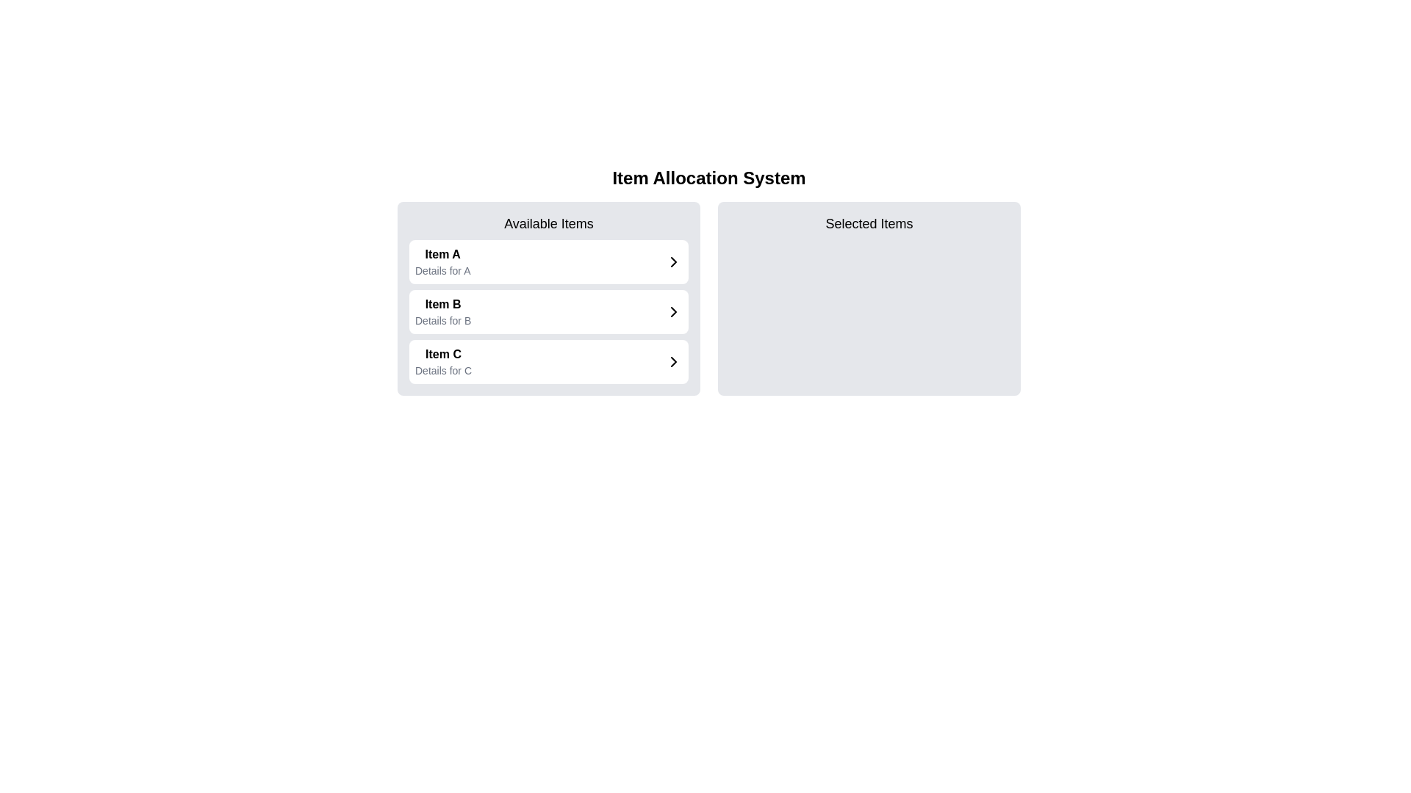  What do you see at coordinates (442, 370) in the screenshot?
I see `text label that displays 'Details for C' located in the 'Available Items' section under 'Item C'` at bounding box center [442, 370].